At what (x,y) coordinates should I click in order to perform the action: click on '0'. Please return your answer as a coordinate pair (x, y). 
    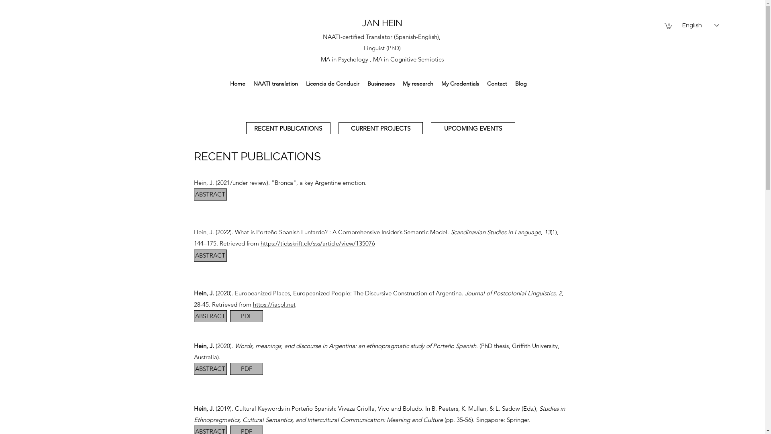
    Looking at the image, I should click on (668, 25).